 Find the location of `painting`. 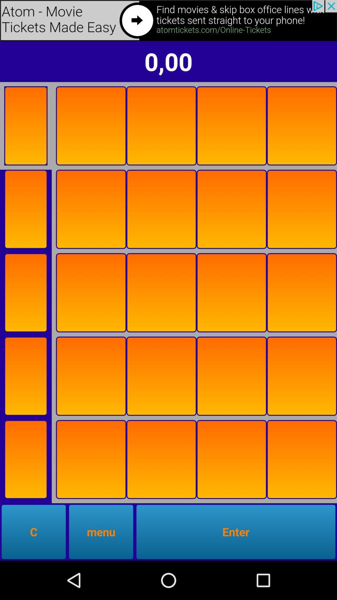

painting is located at coordinates (301, 125).